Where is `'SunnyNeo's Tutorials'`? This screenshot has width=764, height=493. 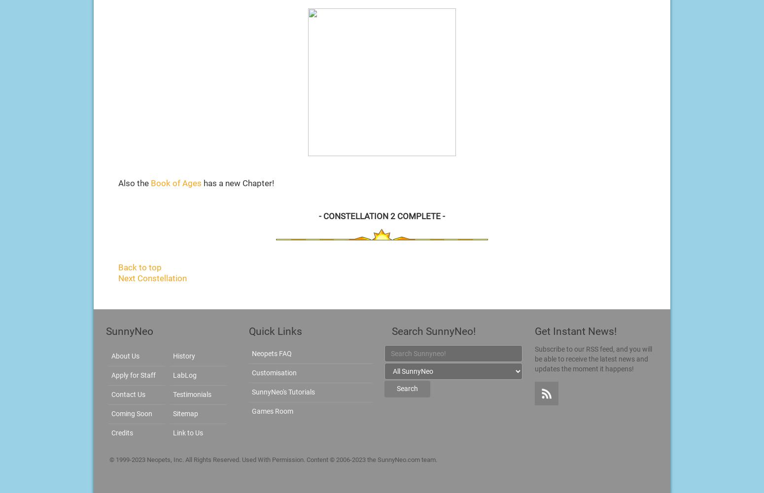 'SunnyNeo's Tutorials' is located at coordinates (251, 391).